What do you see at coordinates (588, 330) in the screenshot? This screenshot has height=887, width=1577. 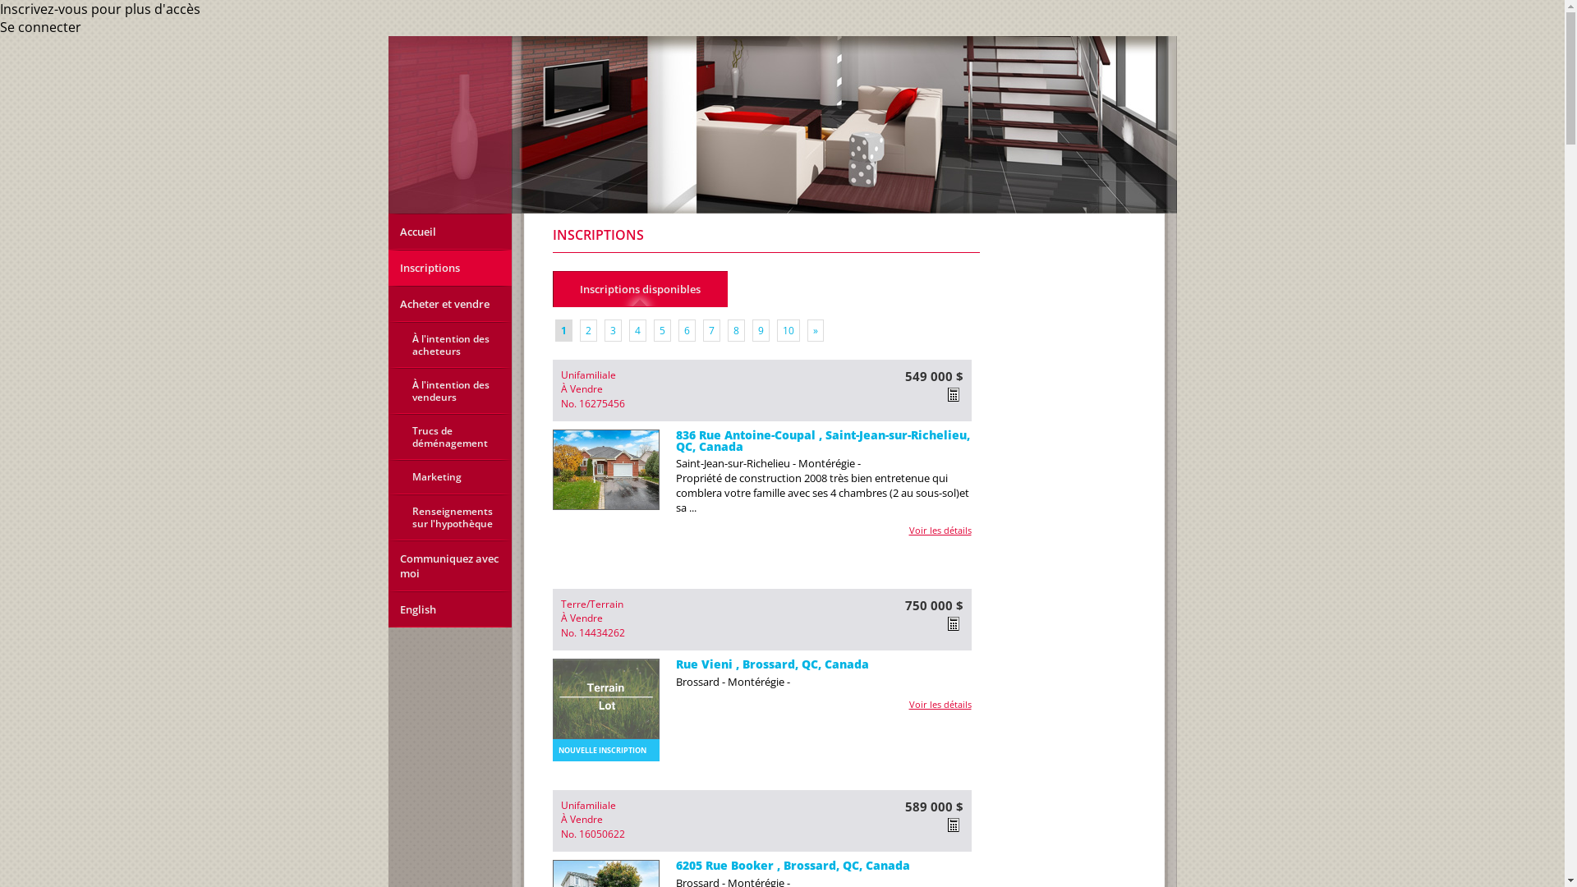 I see `'2'` at bounding box center [588, 330].